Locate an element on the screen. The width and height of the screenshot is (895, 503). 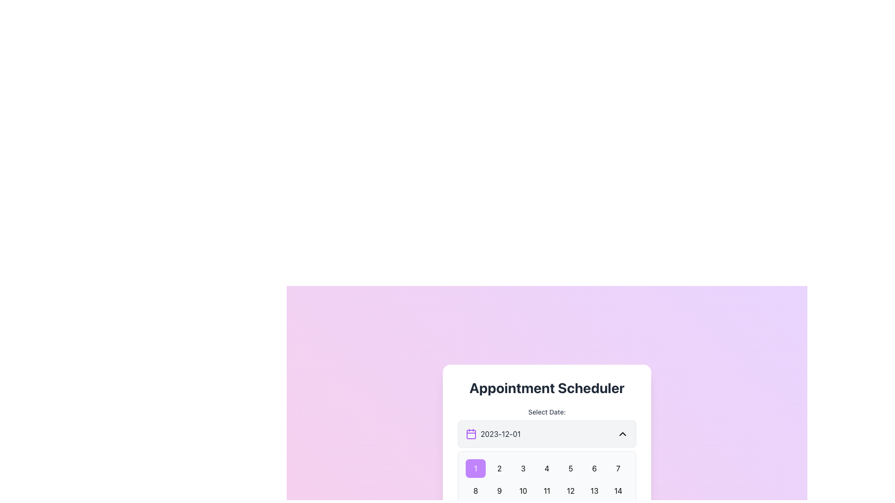
the button displaying the number '13' in the date picker is located at coordinates (594, 490).